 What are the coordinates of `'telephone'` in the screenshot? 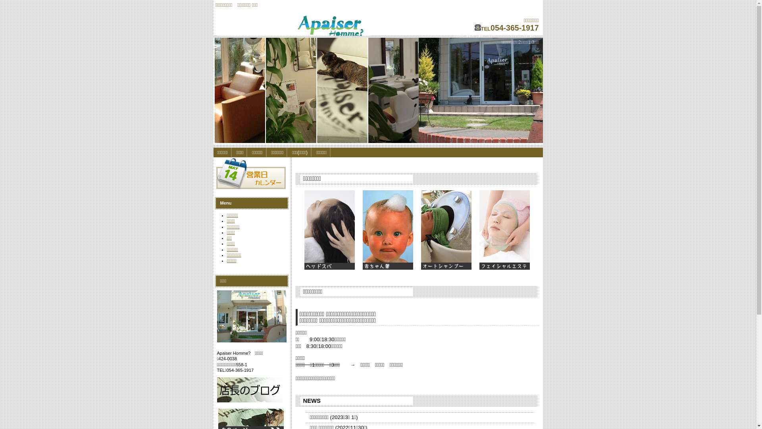 It's located at (477, 27).